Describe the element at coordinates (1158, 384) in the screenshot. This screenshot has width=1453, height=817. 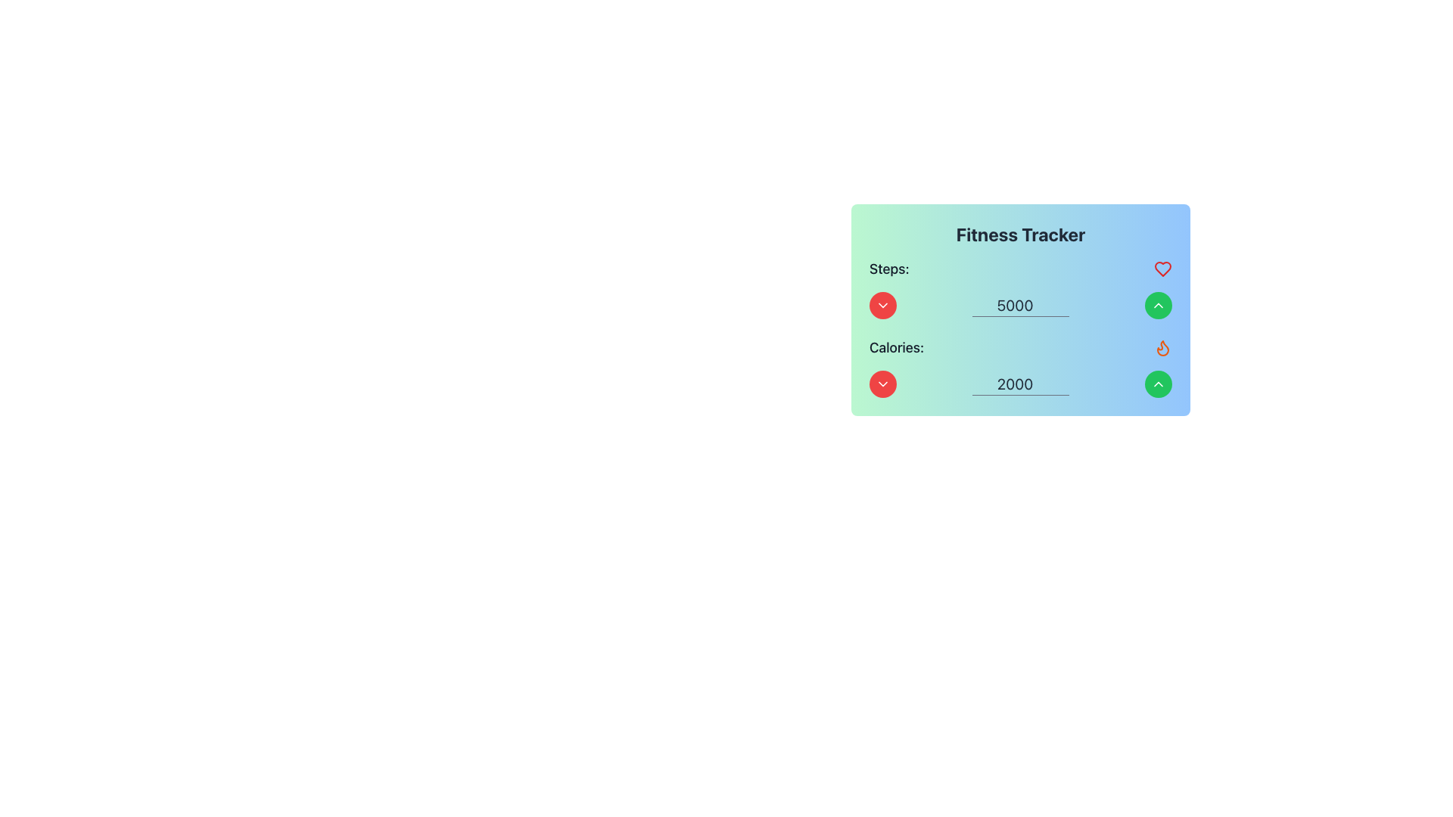
I see `the upward-pointing arrow icon embedded within the green circular button to increase the value` at that location.